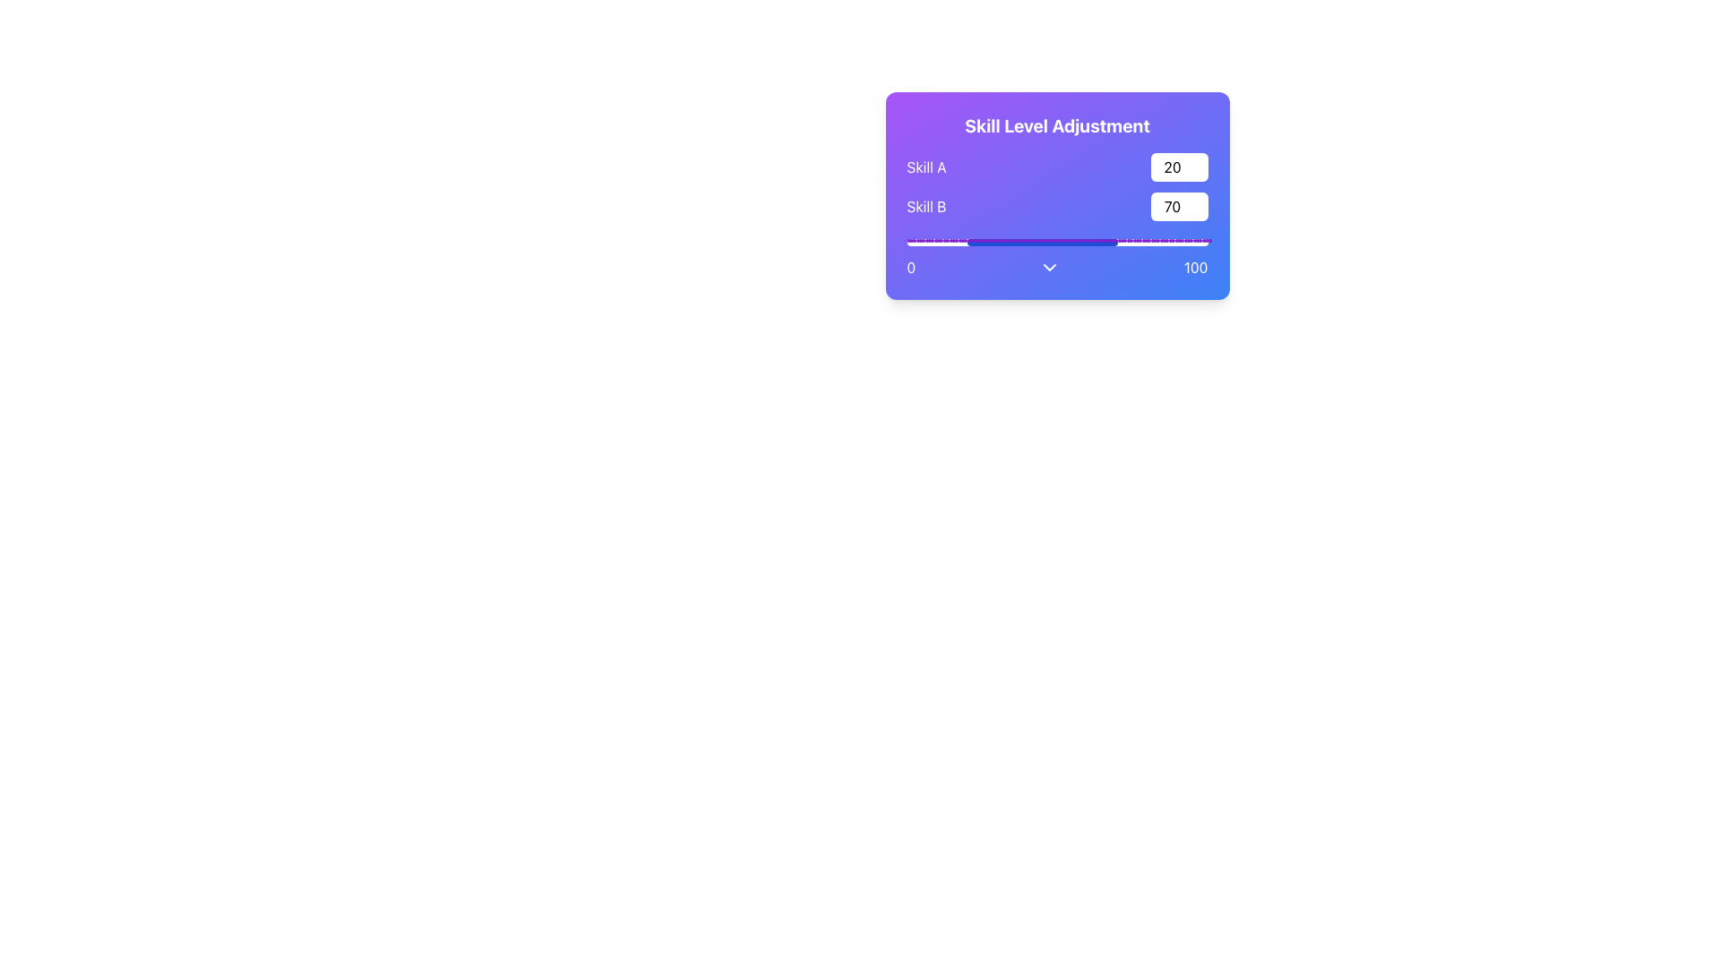 The width and height of the screenshot is (1720, 967). Describe the element at coordinates (1057, 186) in the screenshot. I see `the labels 'Skill A' and 'Skill B' in the numerical input form located in the 'Skill Level Adjustment' card for more information` at that location.